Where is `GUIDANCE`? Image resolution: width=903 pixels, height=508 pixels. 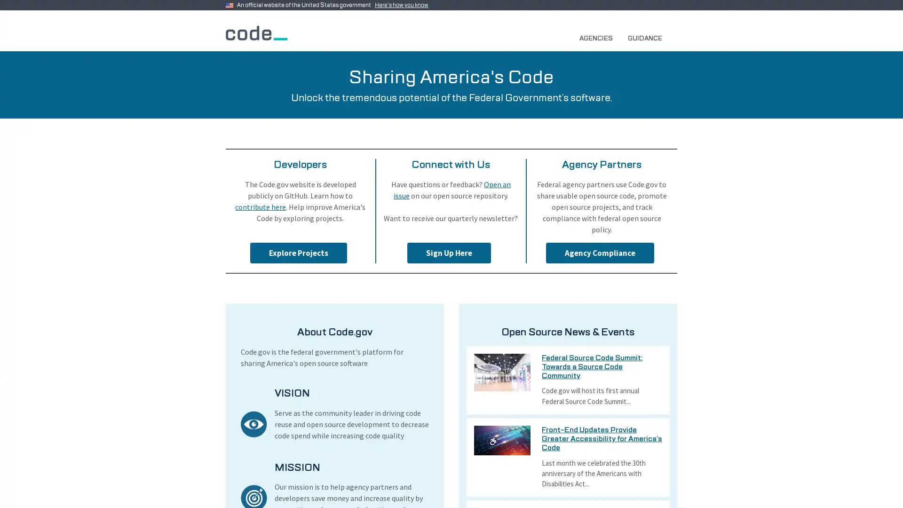 GUIDANCE is located at coordinates (648, 38).